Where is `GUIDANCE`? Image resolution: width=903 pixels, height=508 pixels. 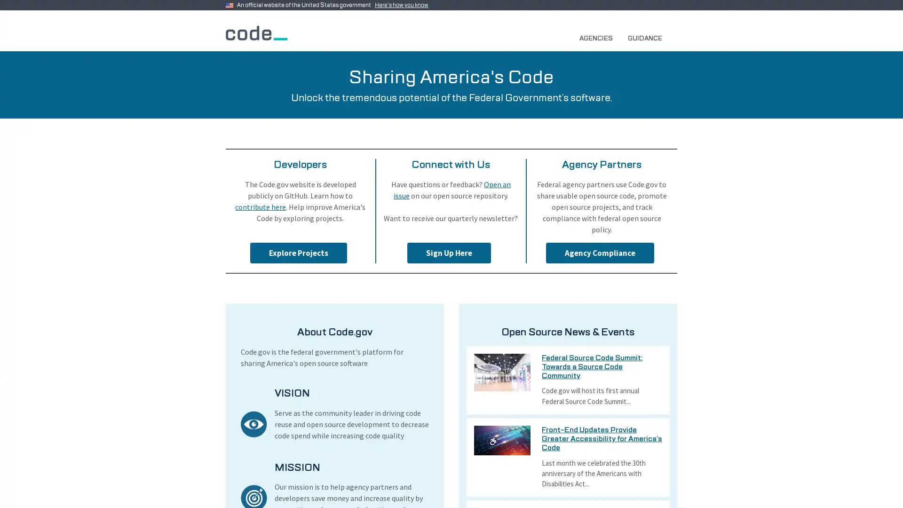 GUIDANCE is located at coordinates (648, 38).